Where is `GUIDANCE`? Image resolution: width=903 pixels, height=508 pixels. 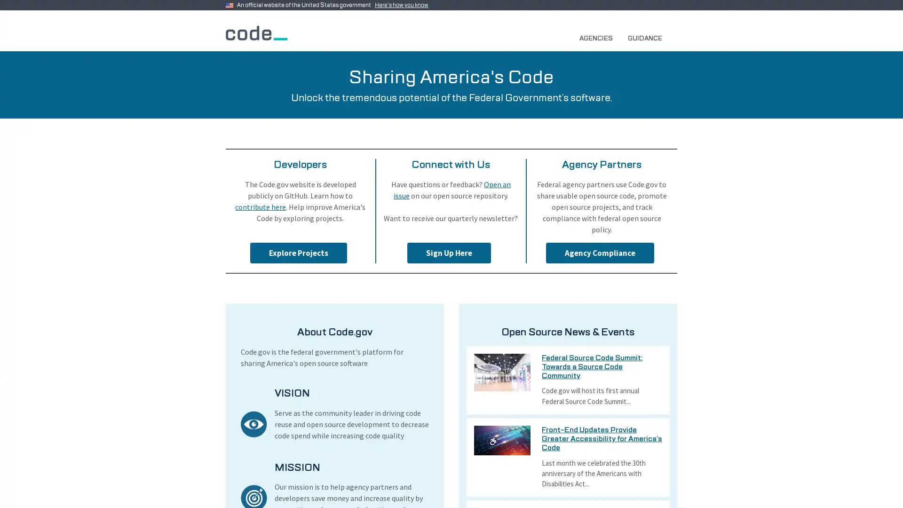 GUIDANCE is located at coordinates (648, 38).